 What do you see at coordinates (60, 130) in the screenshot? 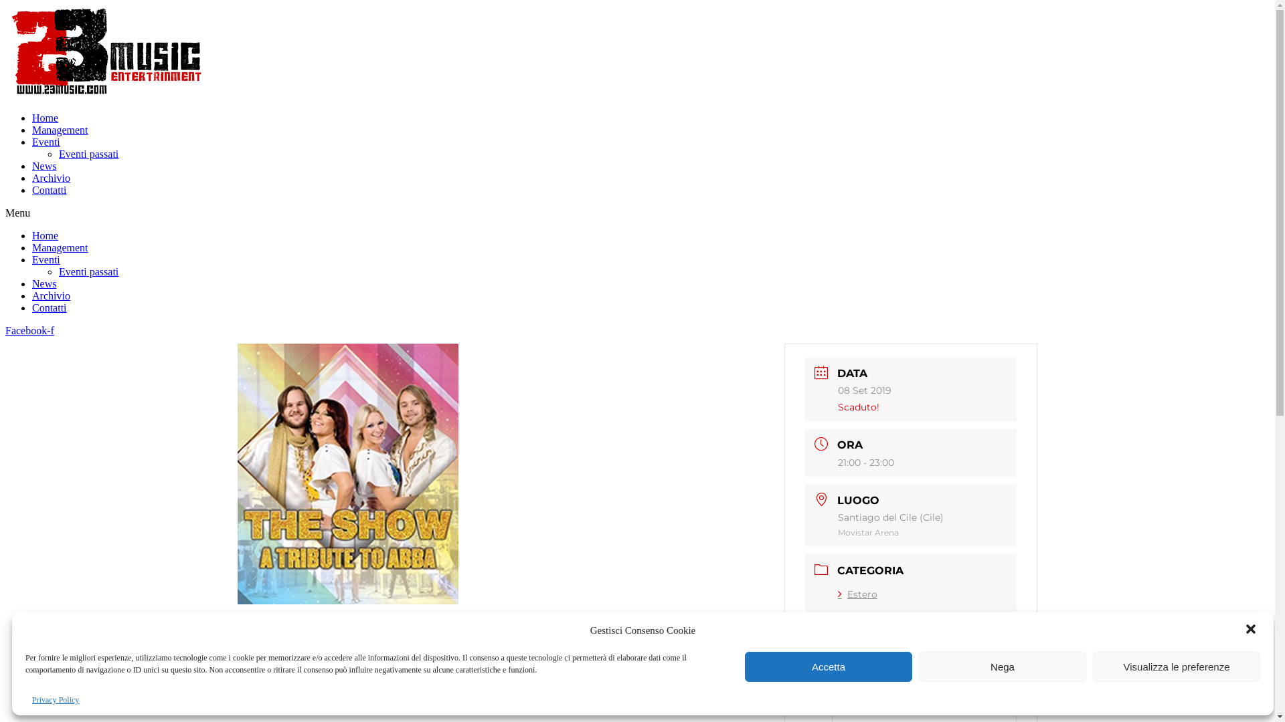
I see `'Management'` at bounding box center [60, 130].